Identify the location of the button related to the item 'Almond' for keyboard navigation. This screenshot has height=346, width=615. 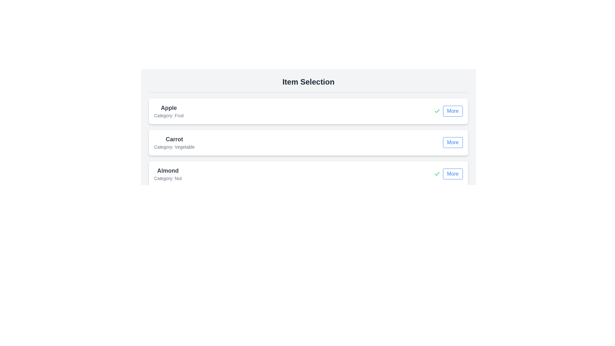
(448, 174).